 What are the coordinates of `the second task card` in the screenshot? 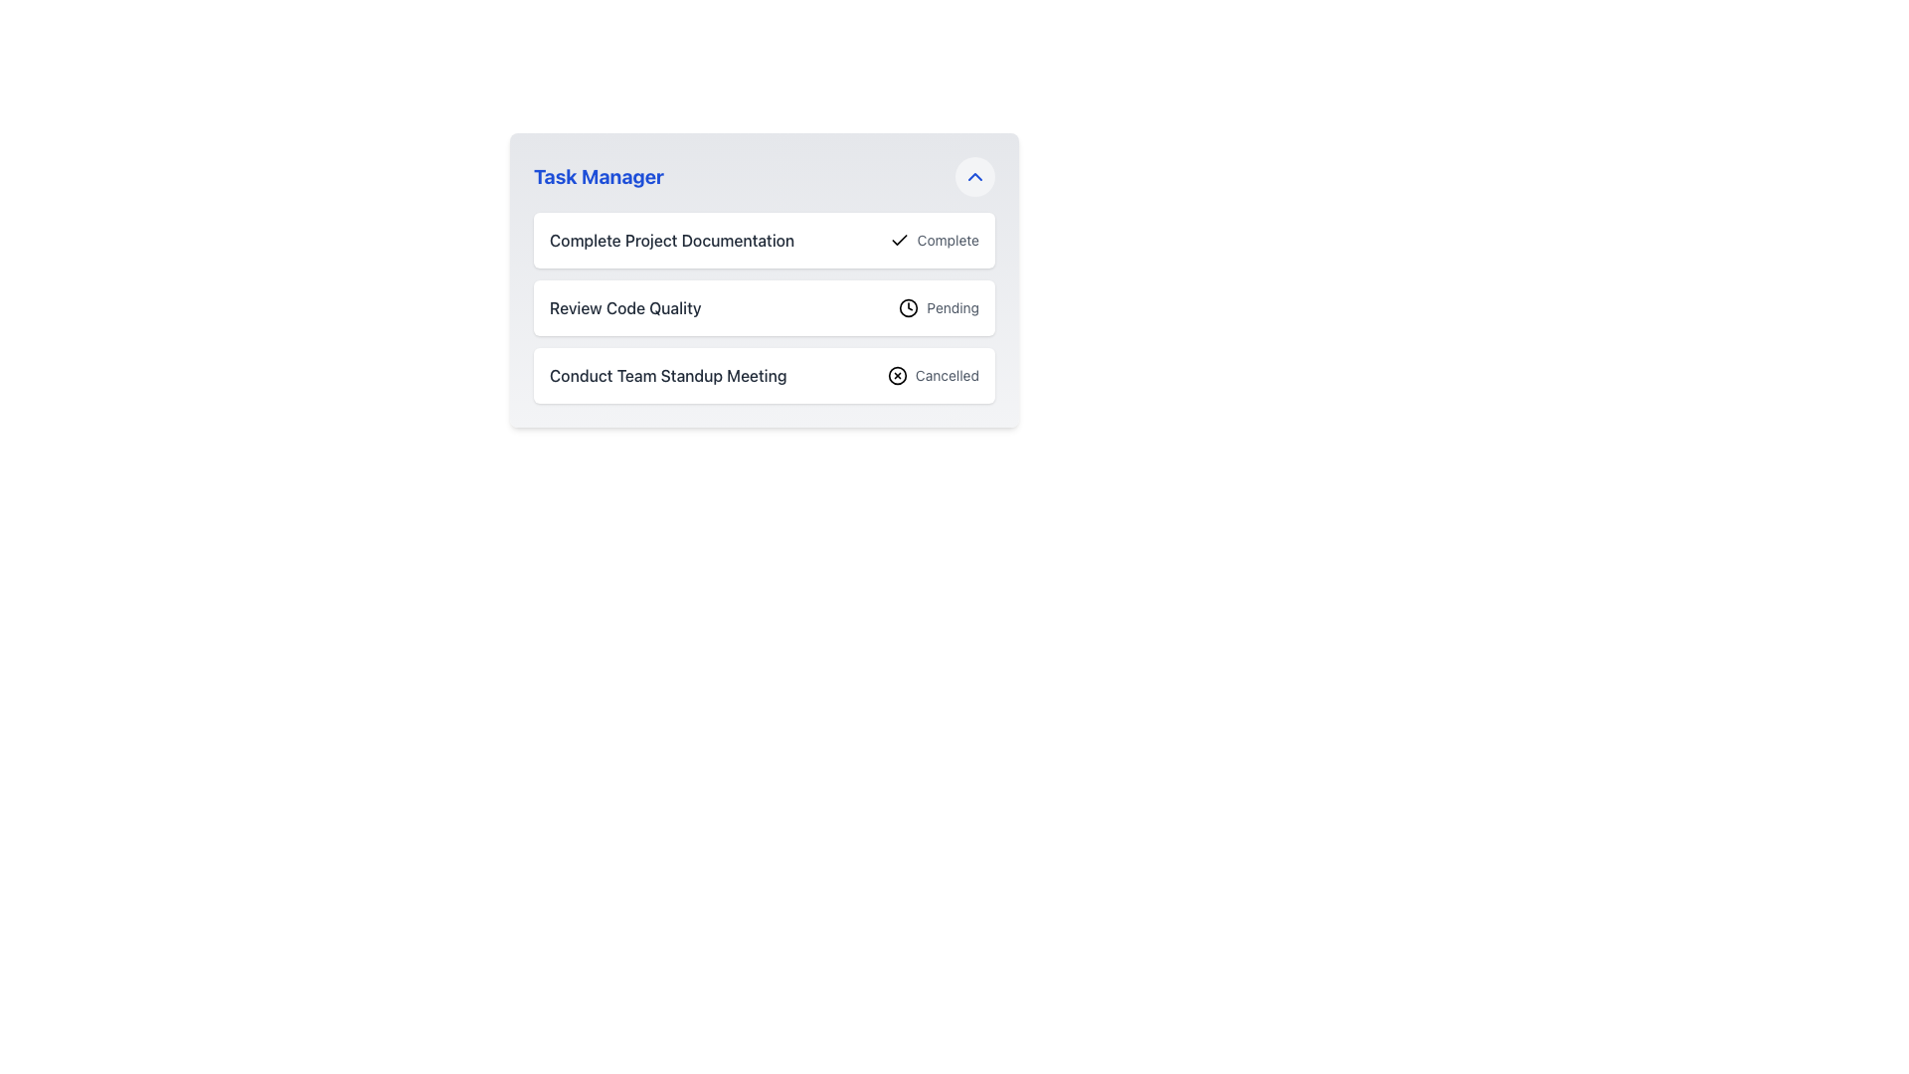 It's located at (763, 307).